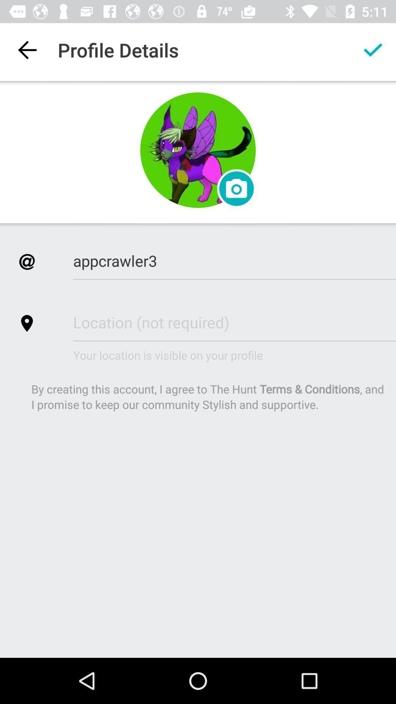  What do you see at coordinates (236, 188) in the screenshot?
I see `see photo 's option` at bounding box center [236, 188].